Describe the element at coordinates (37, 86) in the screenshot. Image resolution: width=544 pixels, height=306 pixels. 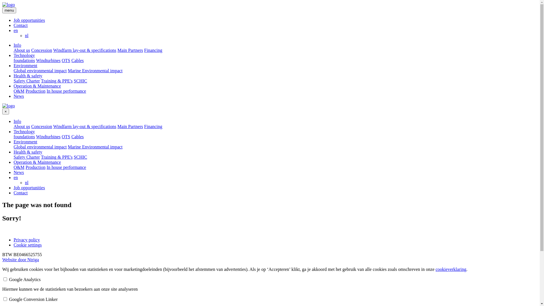
I see `'Operation & Maintenance'` at that location.